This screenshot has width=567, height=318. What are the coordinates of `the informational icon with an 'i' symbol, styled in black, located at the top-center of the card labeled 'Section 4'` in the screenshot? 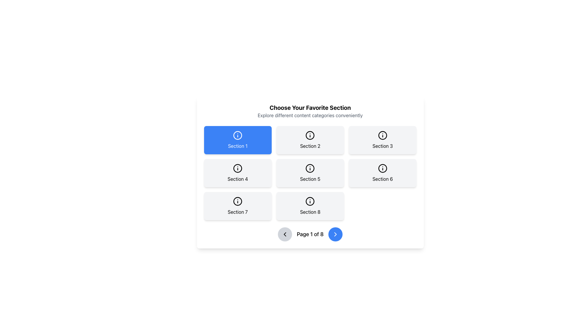 It's located at (238, 168).